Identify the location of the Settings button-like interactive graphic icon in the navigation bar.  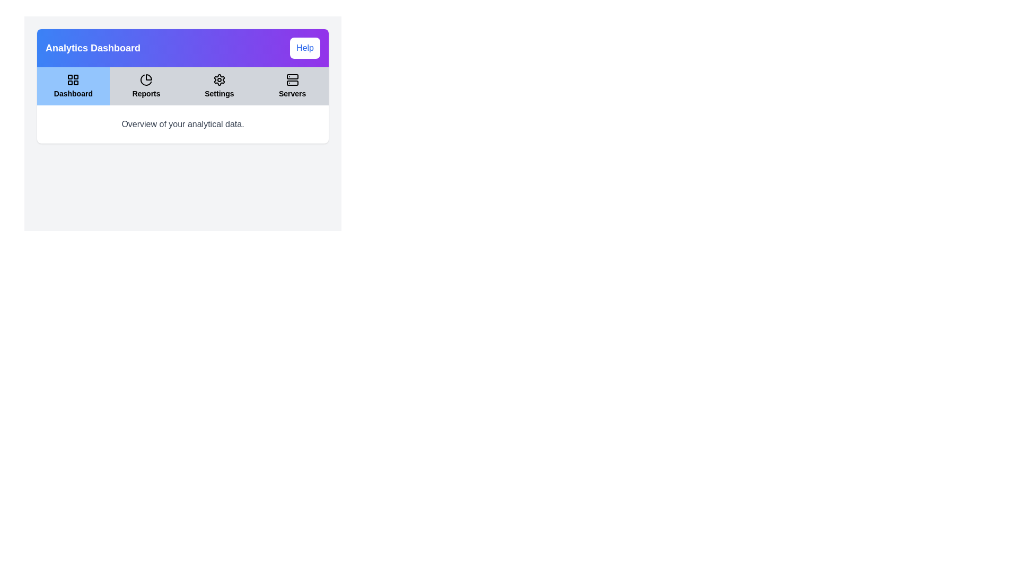
(218, 79).